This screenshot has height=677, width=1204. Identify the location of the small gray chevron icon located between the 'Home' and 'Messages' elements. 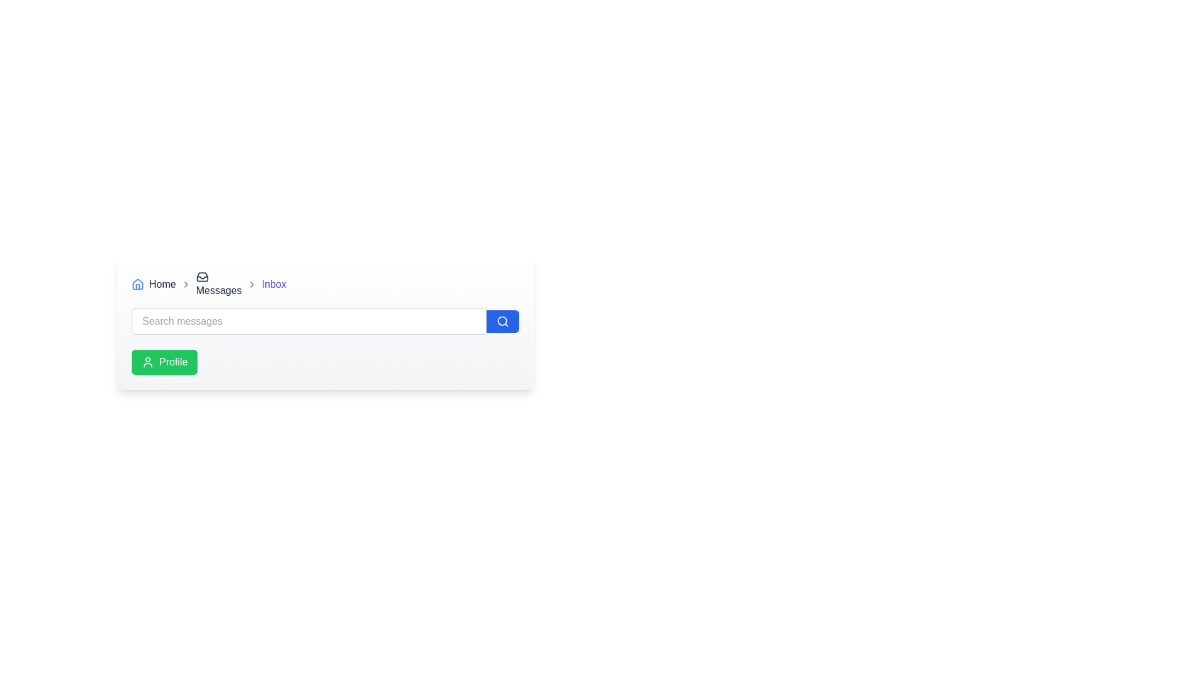
(185, 285).